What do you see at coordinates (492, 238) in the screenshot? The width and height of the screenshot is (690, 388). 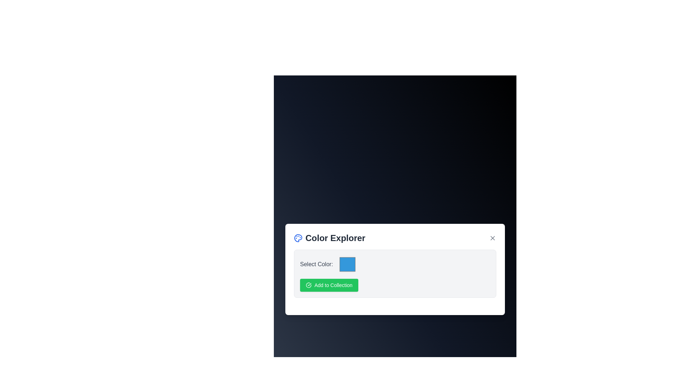 I see `the 'X' symbol in the top-right corner of the 'Color Explorer' dialog box` at bounding box center [492, 238].